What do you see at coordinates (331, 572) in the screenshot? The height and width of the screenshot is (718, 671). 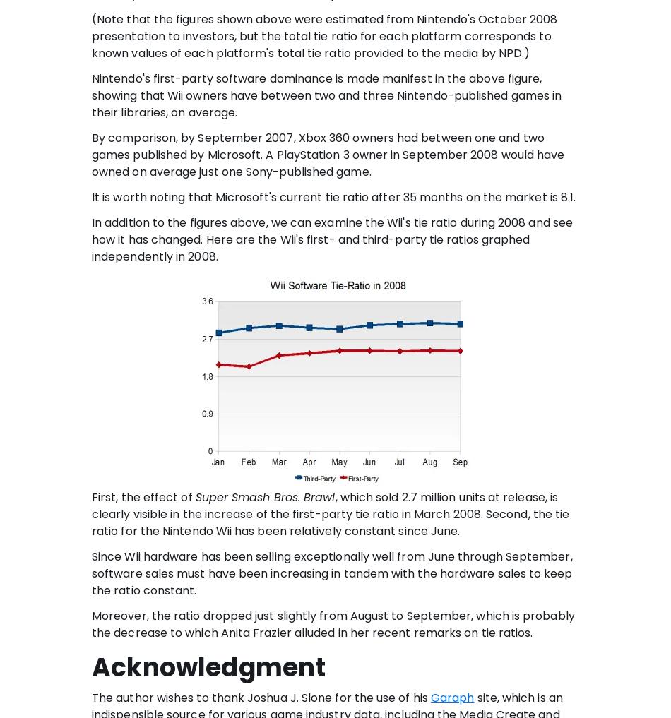 I see `'Since Wii
hardware has been selling exceptionally well from June through
September, software sales must have been increasing in tandem with
the hardware sales to keep the ratio constant.'` at bounding box center [331, 572].